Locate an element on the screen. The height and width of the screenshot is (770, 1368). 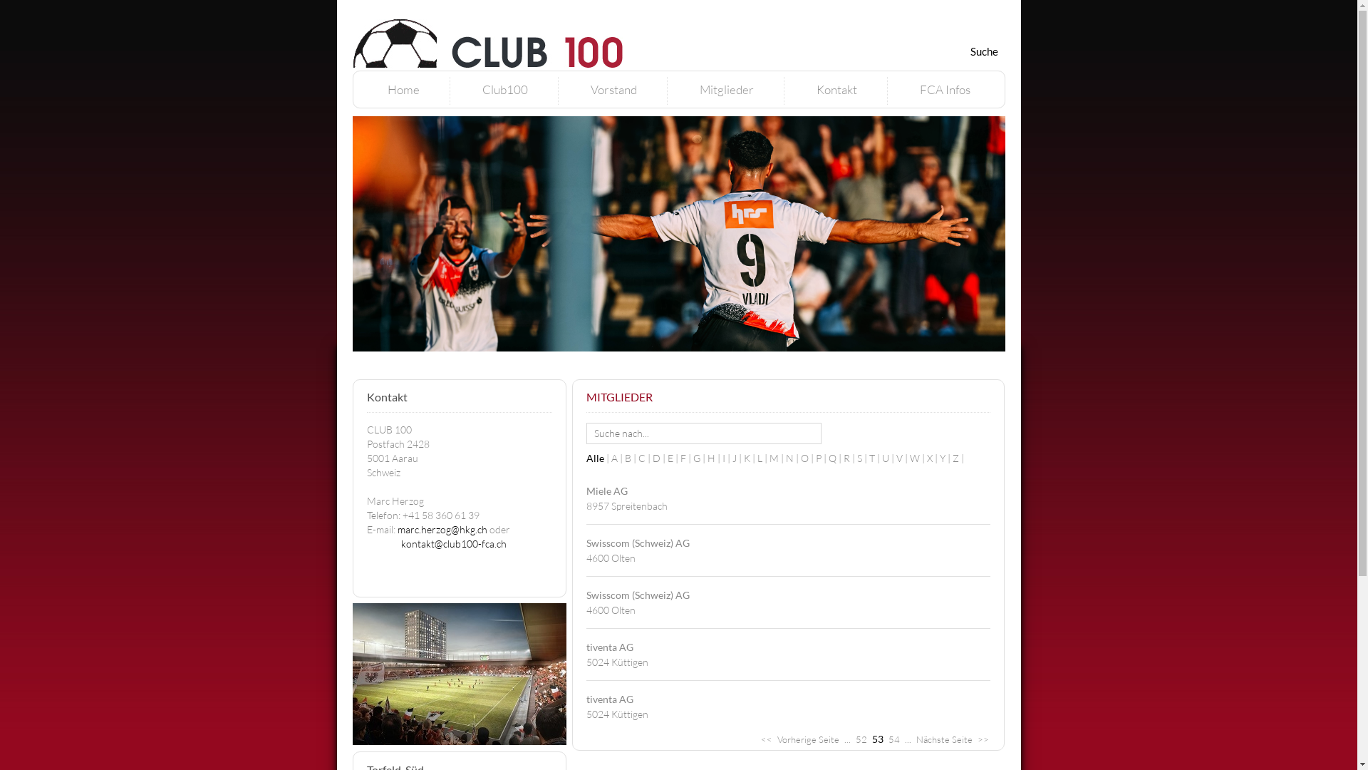
'Mitglieder' is located at coordinates (700, 89).